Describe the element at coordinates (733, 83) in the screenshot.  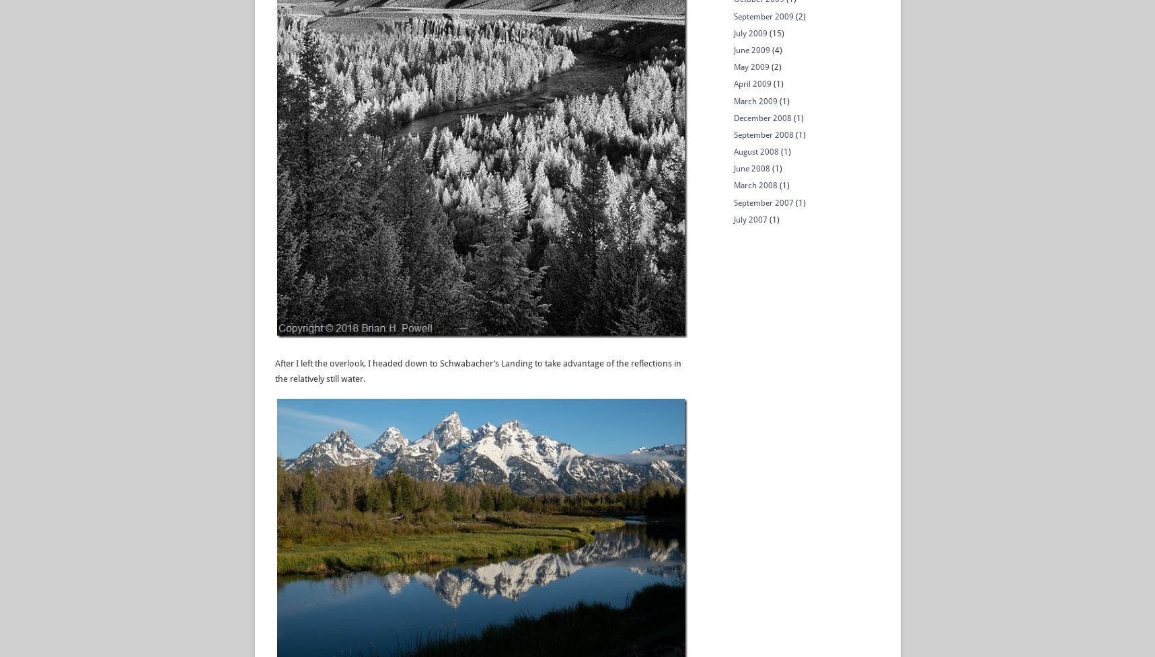
I see `'April 2009'` at that location.